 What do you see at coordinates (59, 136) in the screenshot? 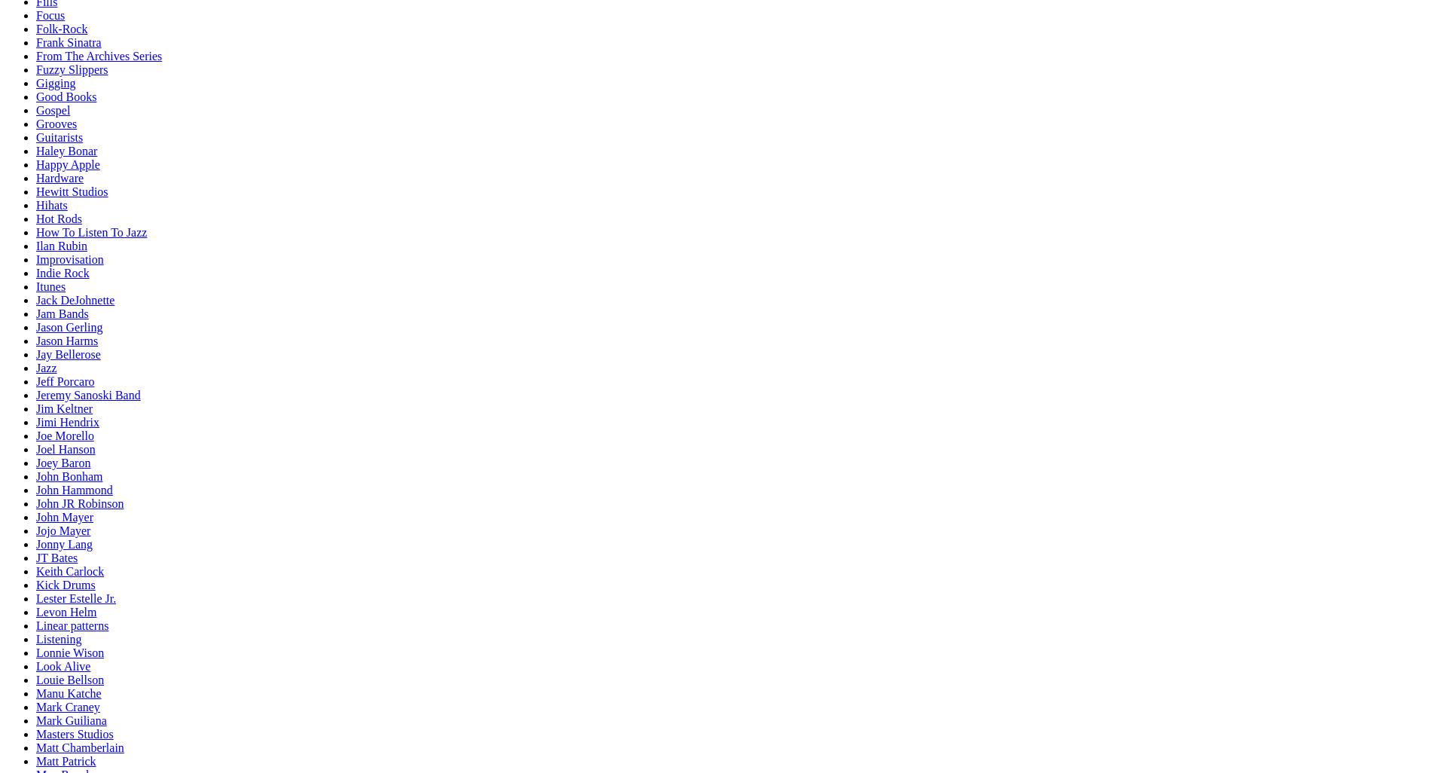
I see `'Guitarists'` at bounding box center [59, 136].